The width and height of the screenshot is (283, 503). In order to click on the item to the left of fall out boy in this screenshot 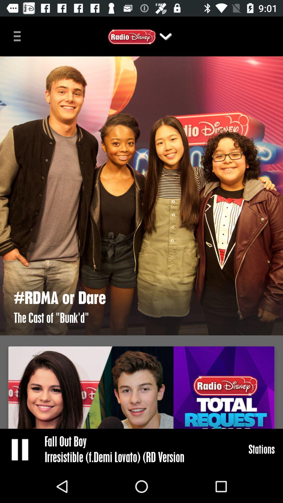, I will do `click(20, 449)`.